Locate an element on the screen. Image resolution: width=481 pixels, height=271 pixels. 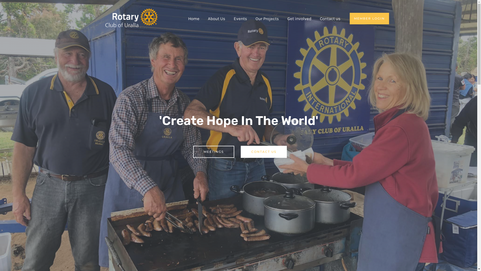
'Events' is located at coordinates (240, 18).